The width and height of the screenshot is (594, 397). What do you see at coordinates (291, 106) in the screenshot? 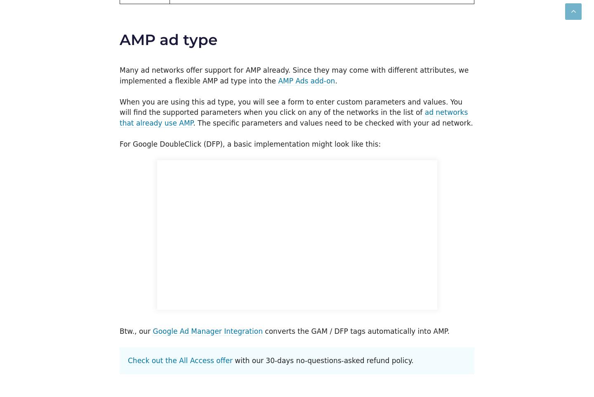
I see `'When you are using this ad type, you will see a form to enter custom parameters and values. You will find the supported parameters when you click on any of the networks in the list of'` at bounding box center [291, 106].